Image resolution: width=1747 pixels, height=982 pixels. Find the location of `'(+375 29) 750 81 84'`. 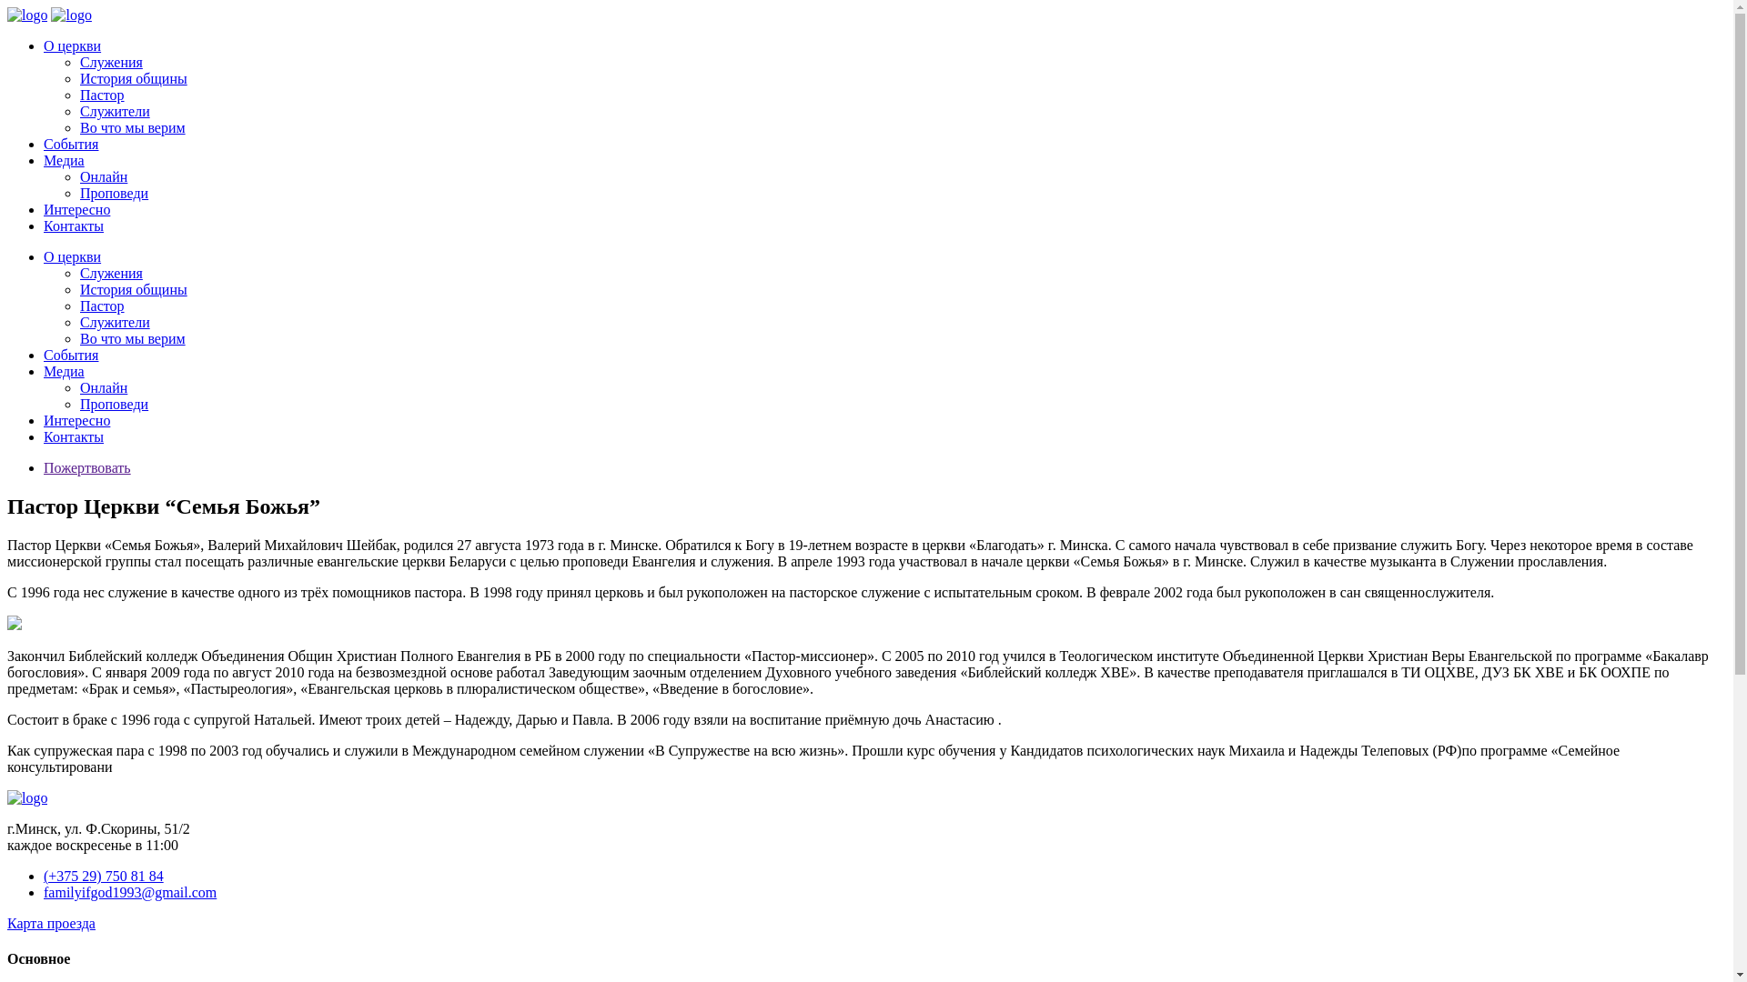

'(+375 29) 750 81 84' is located at coordinates (103, 875).